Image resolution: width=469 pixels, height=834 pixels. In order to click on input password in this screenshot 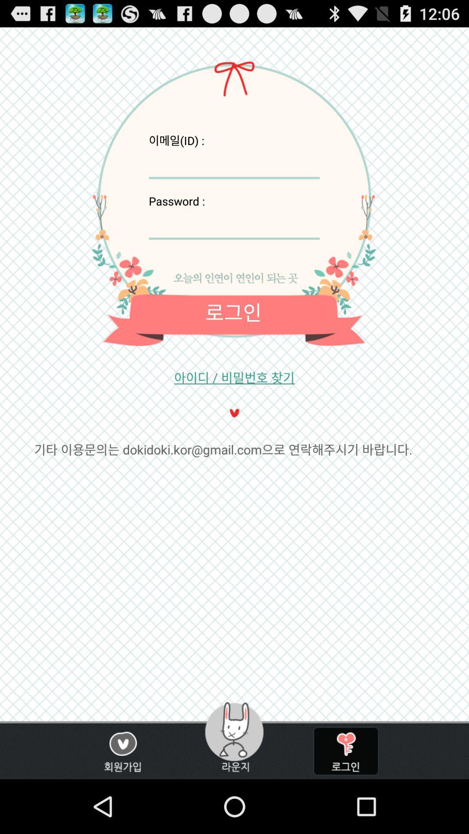, I will do `click(234, 224)`.